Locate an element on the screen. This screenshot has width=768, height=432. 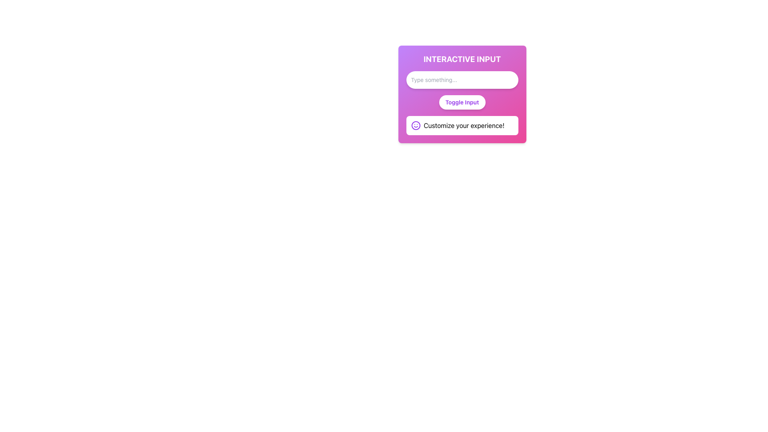
the outermost circle graphic of the icon located before the 'Customize your experience!' text is located at coordinates (416, 125).